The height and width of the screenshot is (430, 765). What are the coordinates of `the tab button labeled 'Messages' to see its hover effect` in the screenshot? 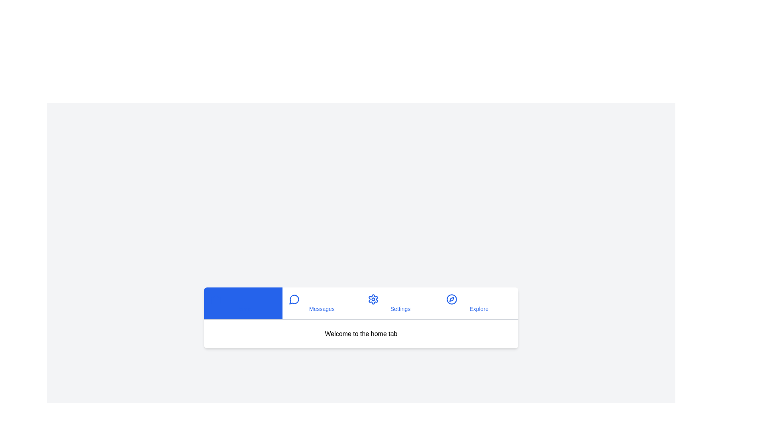 It's located at (322, 303).